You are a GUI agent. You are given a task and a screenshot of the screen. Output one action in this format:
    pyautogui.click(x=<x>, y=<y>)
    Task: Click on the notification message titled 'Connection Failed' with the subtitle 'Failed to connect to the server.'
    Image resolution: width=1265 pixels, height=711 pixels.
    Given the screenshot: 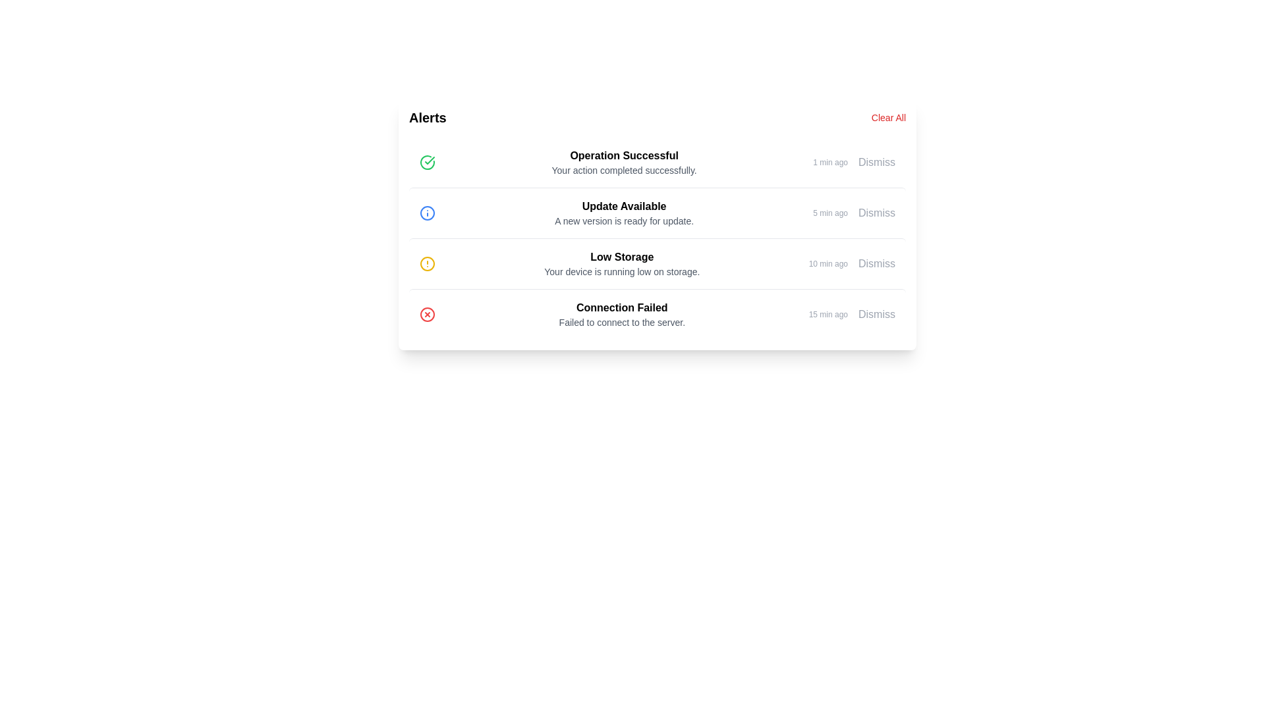 What is the action you would take?
    pyautogui.click(x=621, y=315)
    